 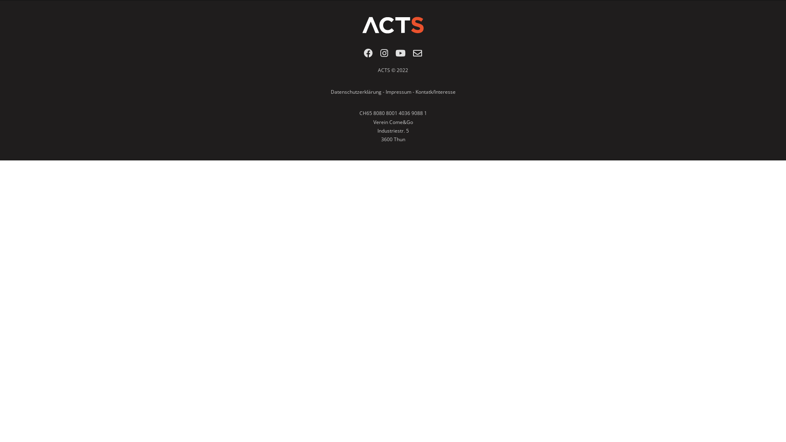 I want to click on 'email', so click(x=417, y=55).